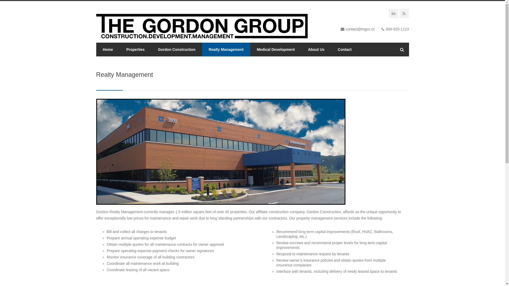 The width and height of the screenshot is (509, 286). Describe the element at coordinates (250, 49) in the screenshot. I see `'Medical Development'` at that location.